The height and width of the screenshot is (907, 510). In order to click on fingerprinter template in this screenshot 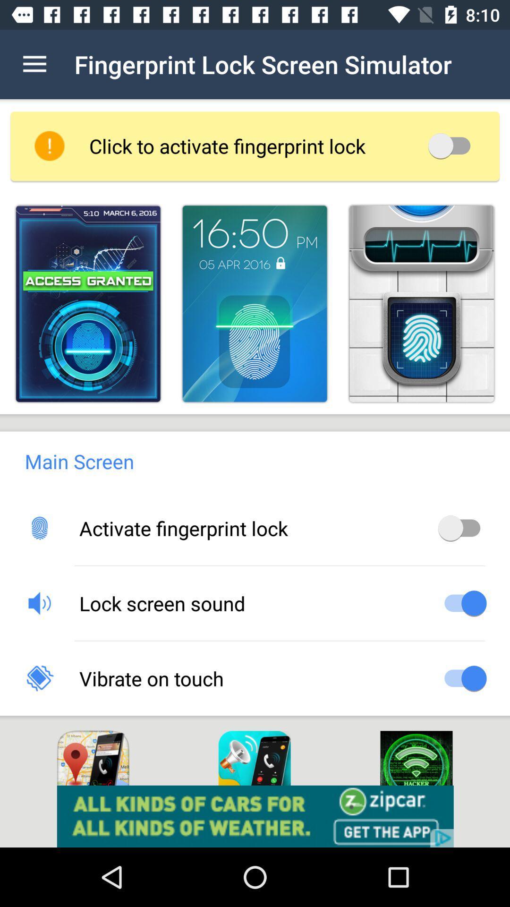, I will do `click(254, 304)`.